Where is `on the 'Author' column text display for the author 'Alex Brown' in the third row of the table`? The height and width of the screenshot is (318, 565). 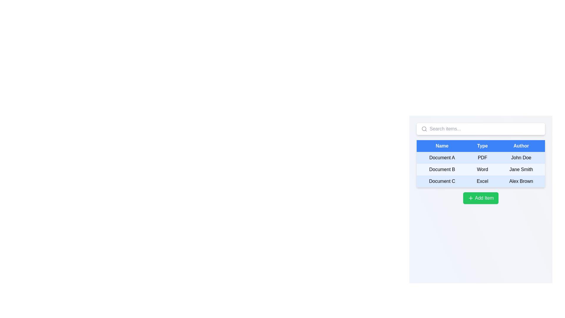
on the 'Author' column text display for the author 'Alex Brown' in the third row of the table is located at coordinates (521, 181).